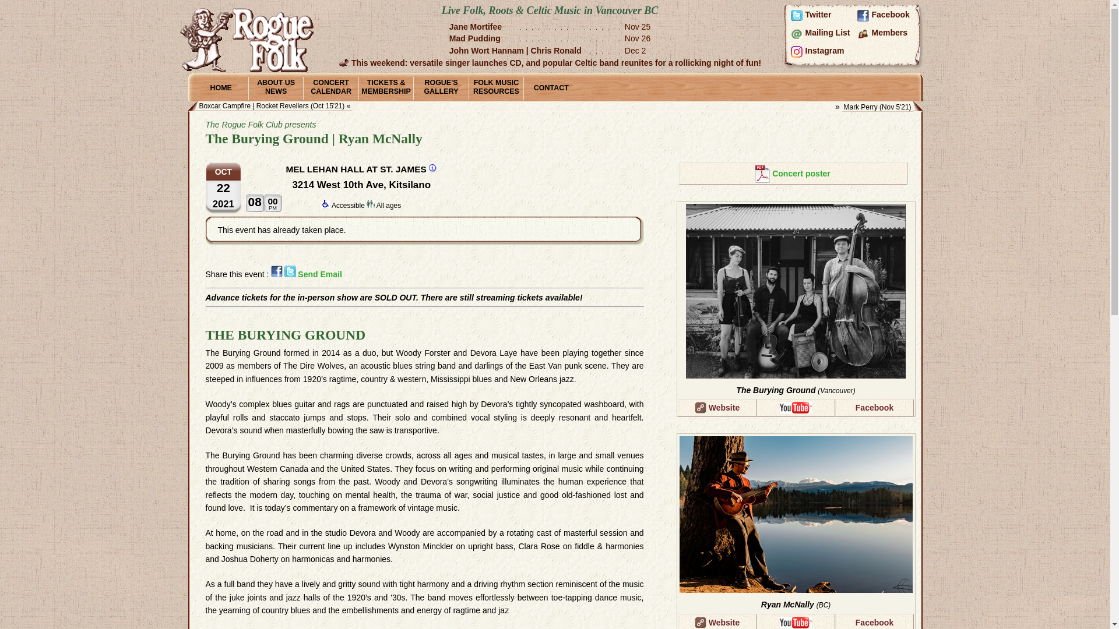 The height and width of the screenshot is (629, 1119). I want to click on 'FOLK MUSIC RESOURCES', so click(469, 87).